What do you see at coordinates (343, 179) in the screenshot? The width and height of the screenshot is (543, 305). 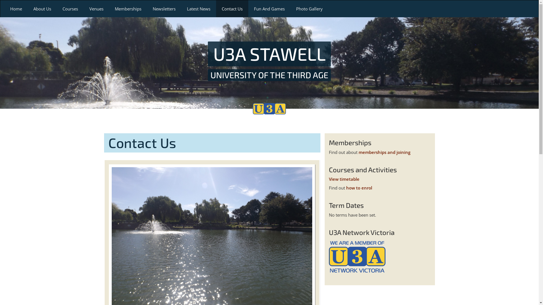 I see `'View timetable'` at bounding box center [343, 179].